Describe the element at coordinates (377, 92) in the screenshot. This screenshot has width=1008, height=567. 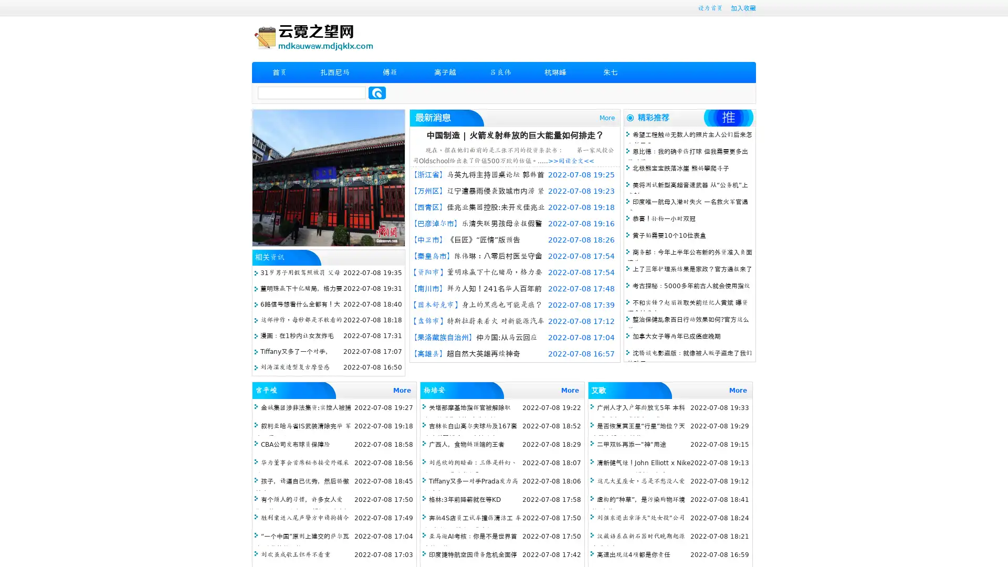
I see `Search` at that location.